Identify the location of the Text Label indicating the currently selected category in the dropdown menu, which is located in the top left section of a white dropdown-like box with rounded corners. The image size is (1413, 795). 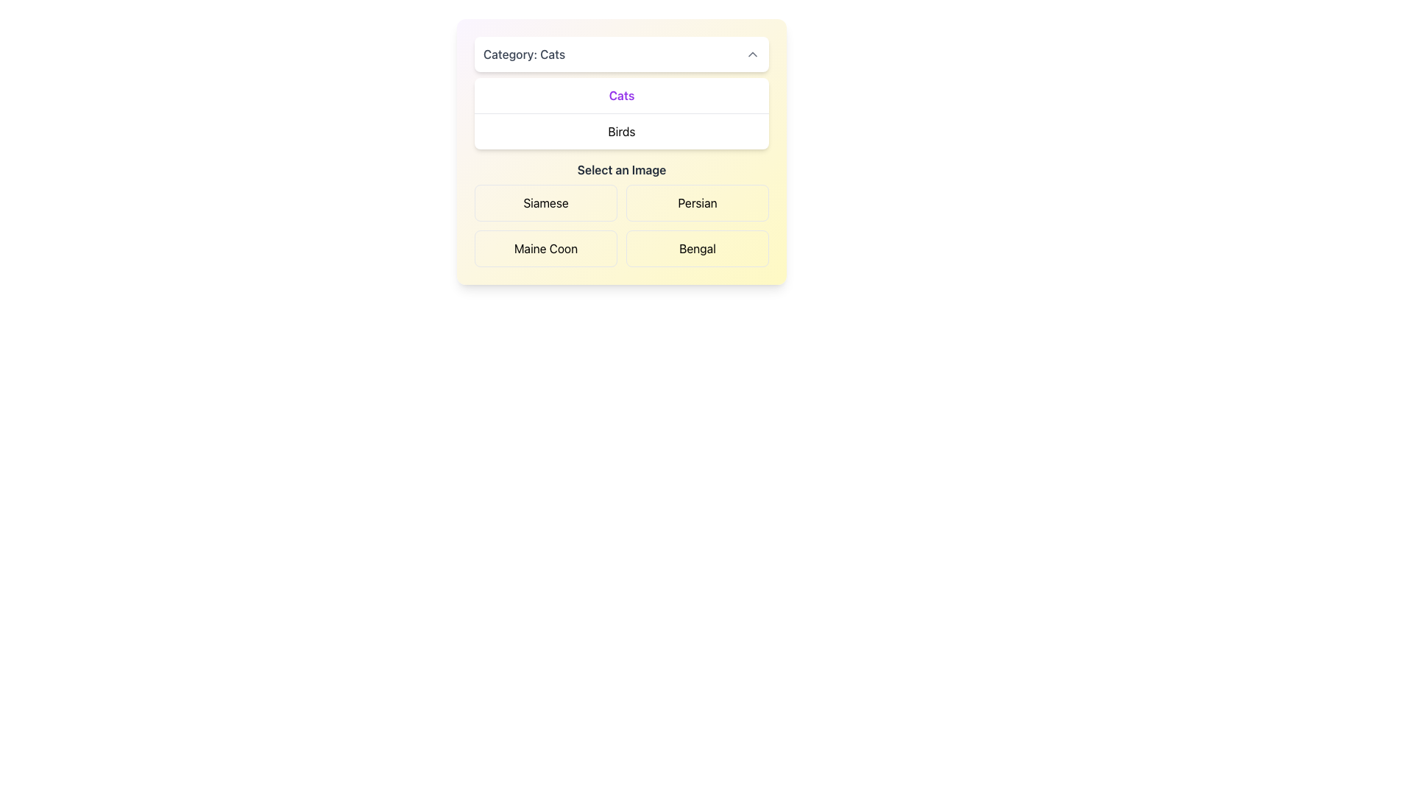
(524, 53).